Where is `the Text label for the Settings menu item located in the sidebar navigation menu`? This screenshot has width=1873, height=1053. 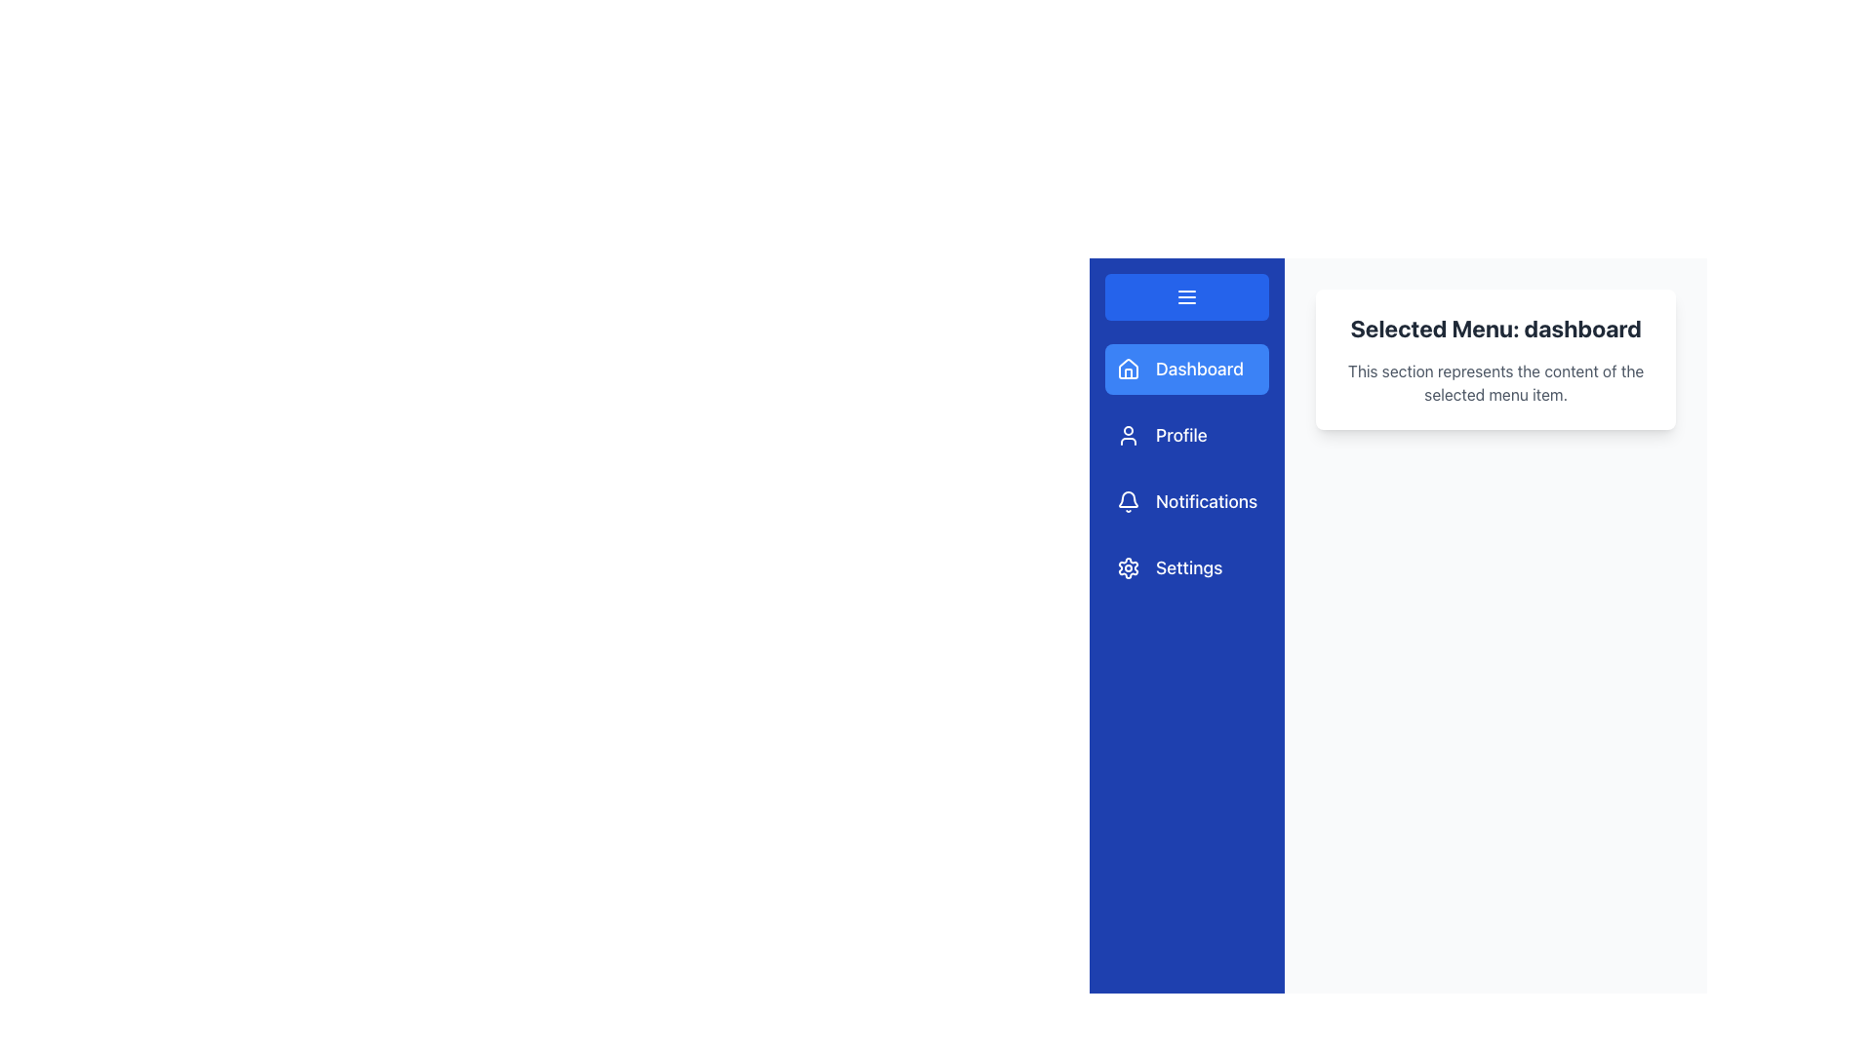 the Text label for the Settings menu item located in the sidebar navigation menu is located at coordinates (1188, 567).